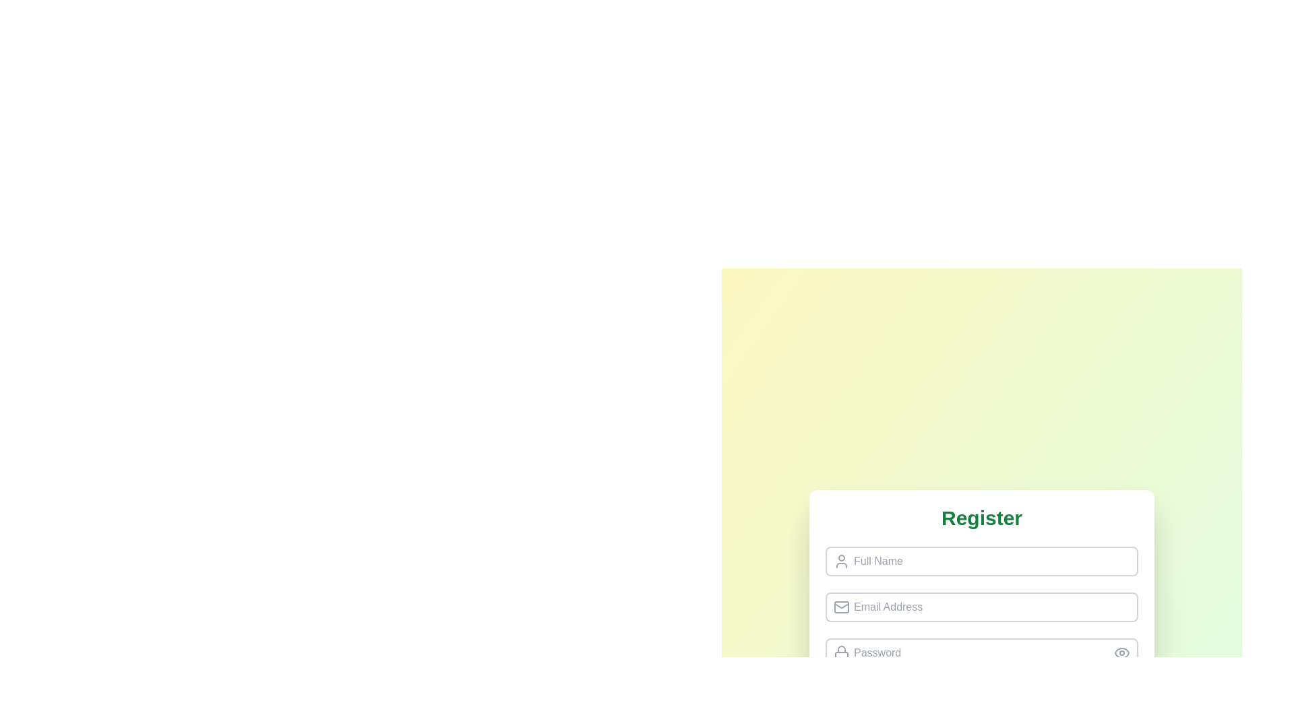 Image resolution: width=1294 pixels, height=728 pixels. I want to click on the button with an embedded SVG icon located at the far right of the 'Password' input field, so click(1122, 652).